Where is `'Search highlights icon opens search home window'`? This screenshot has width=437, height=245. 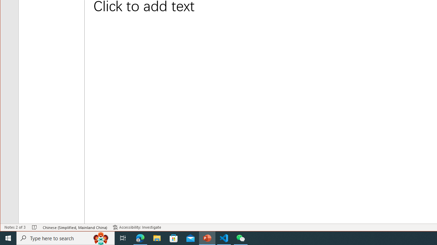 'Search highlights icon opens search home window' is located at coordinates (100, 238).